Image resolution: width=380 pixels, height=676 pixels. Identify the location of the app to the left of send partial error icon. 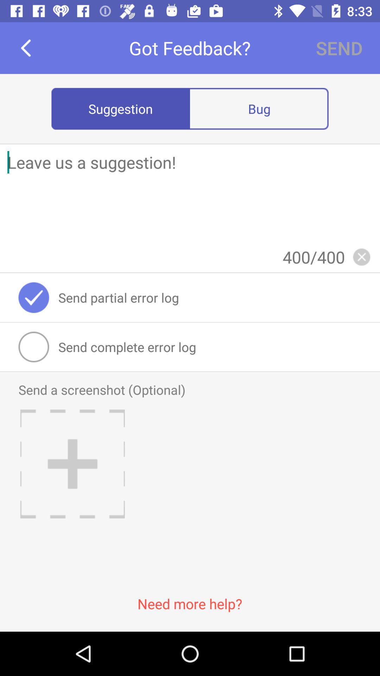
(34, 298).